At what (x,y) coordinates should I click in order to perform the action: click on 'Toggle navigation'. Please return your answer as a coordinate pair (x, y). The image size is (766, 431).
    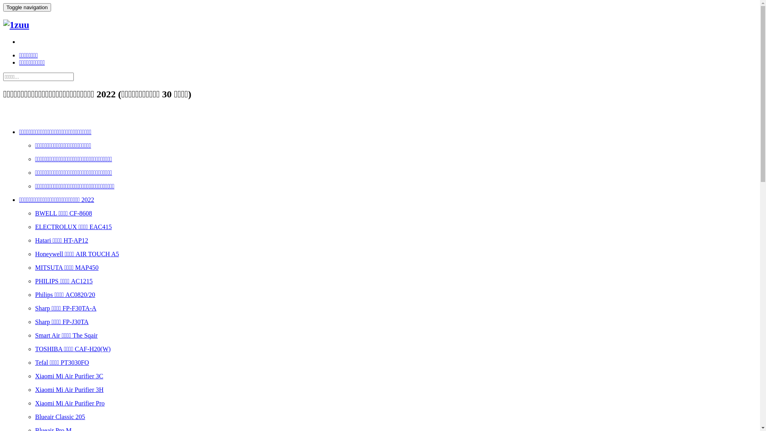
    Looking at the image, I should click on (27, 7).